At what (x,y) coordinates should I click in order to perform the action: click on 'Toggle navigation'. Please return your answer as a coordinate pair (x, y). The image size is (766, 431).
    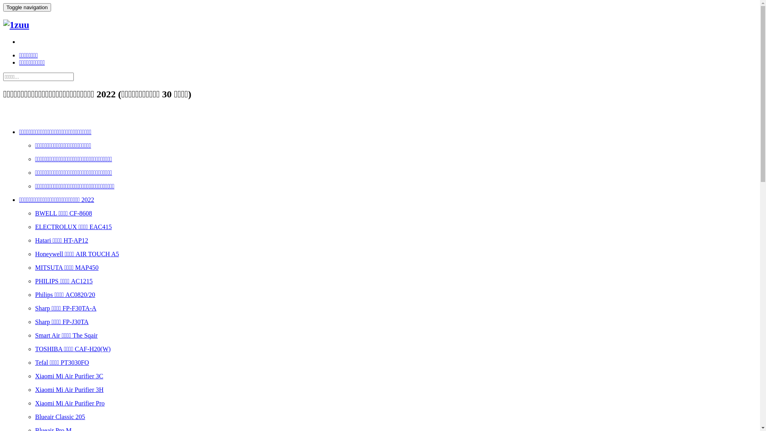
    Looking at the image, I should click on (27, 7).